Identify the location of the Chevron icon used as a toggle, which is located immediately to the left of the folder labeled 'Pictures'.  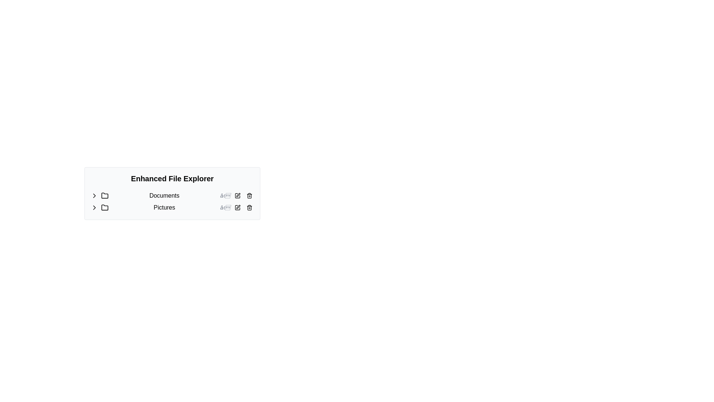
(94, 208).